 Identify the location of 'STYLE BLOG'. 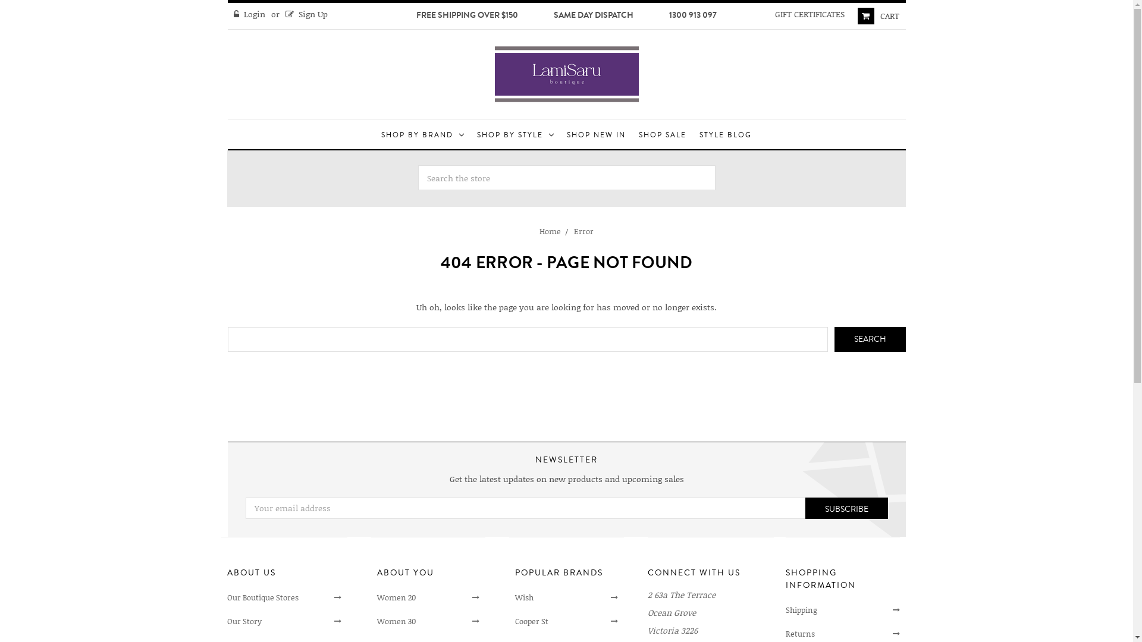
(724, 134).